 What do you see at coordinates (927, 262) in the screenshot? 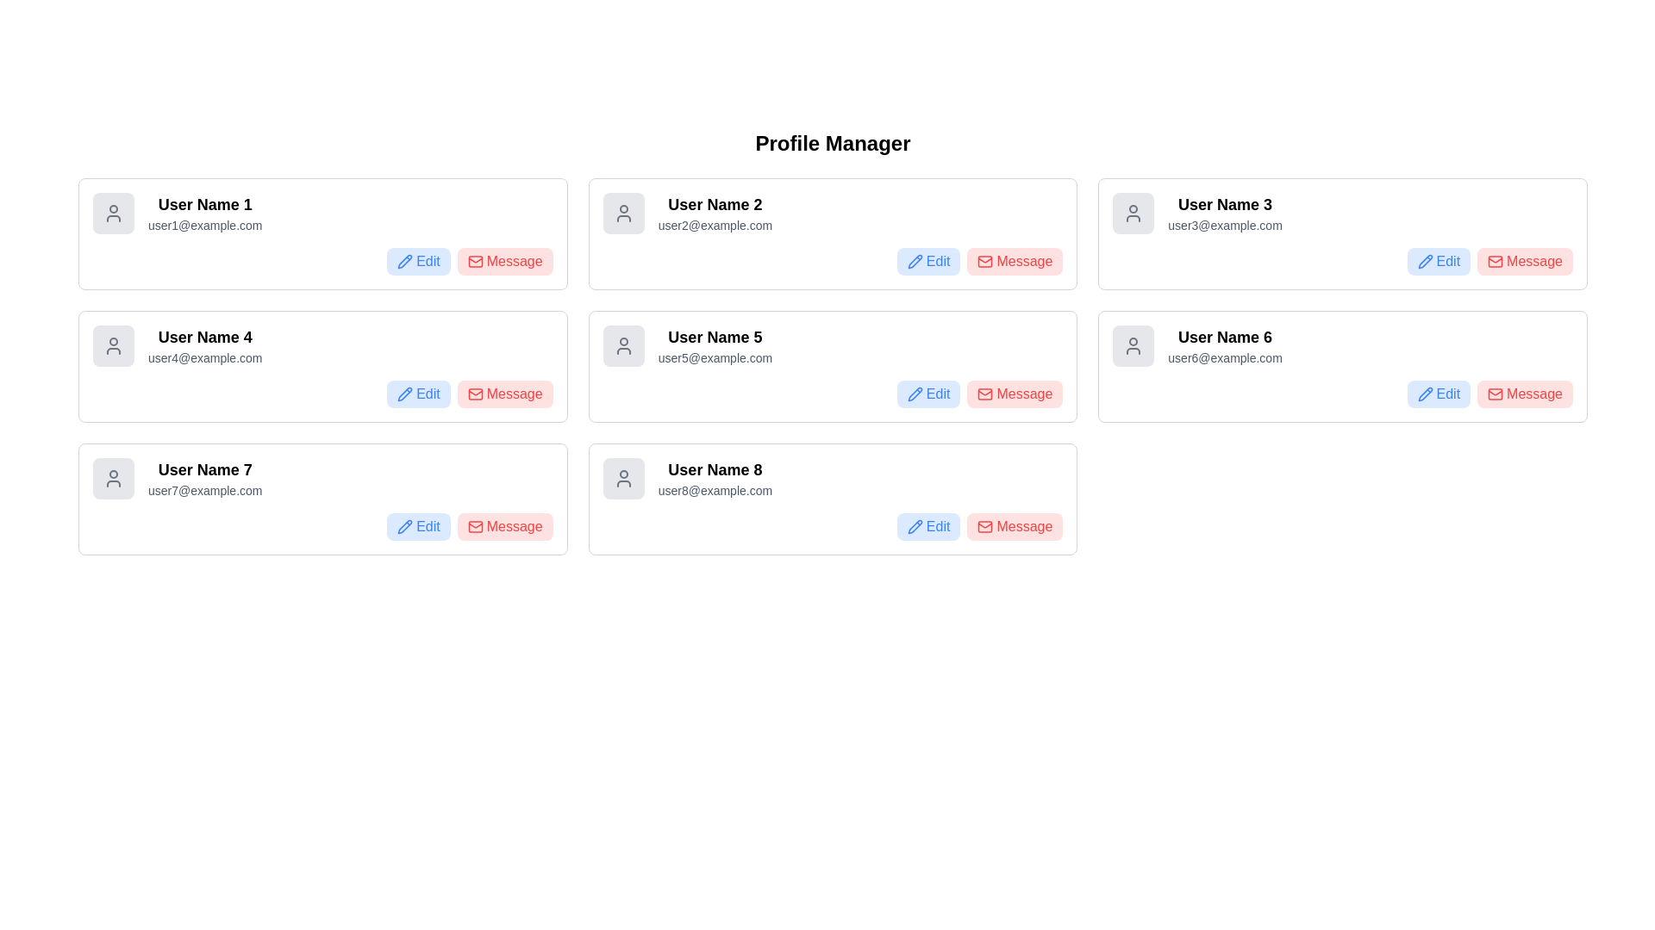
I see `the rounded rectangular 'Edit' button with a light blue background and blue text, located in the top-right corner of the 'User Name 2' card` at bounding box center [927, 262].